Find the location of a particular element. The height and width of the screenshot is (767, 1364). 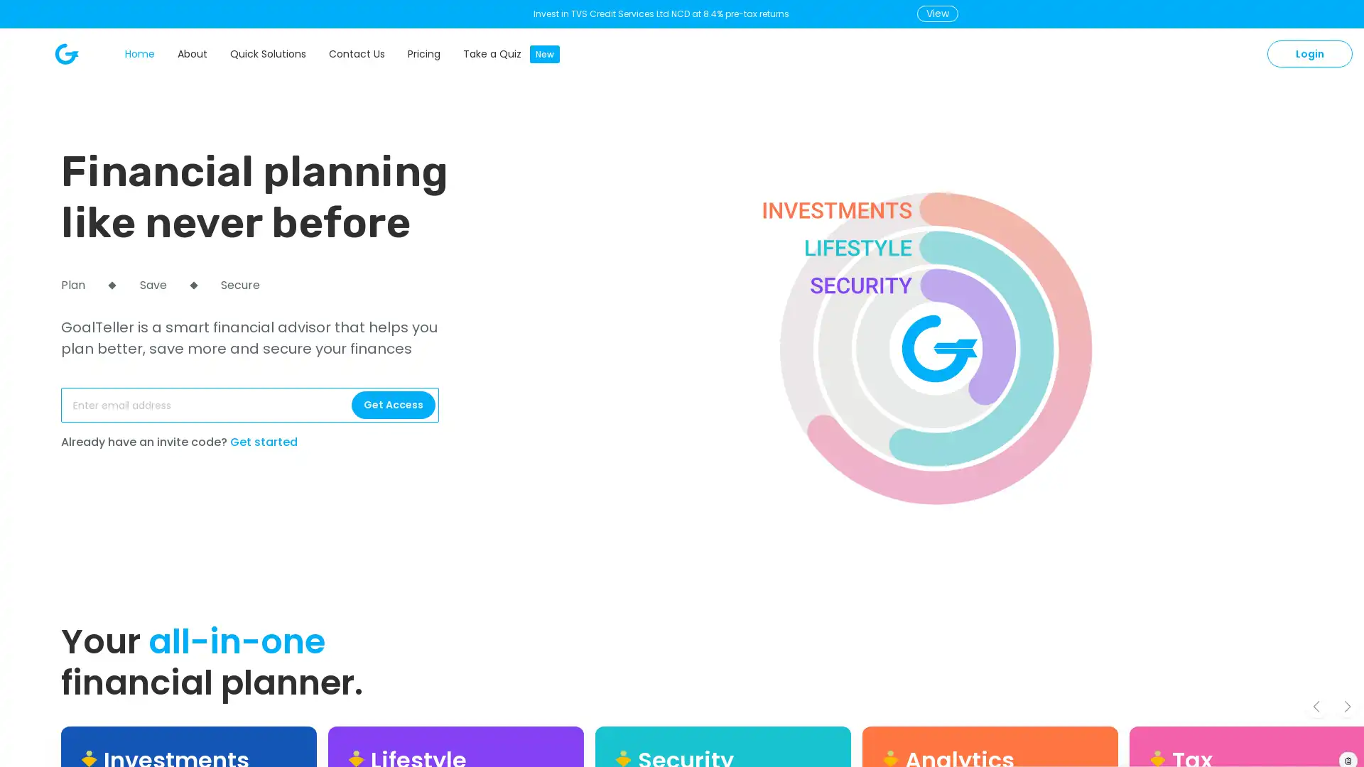

Next slide is located at coordinates (1346, 706).